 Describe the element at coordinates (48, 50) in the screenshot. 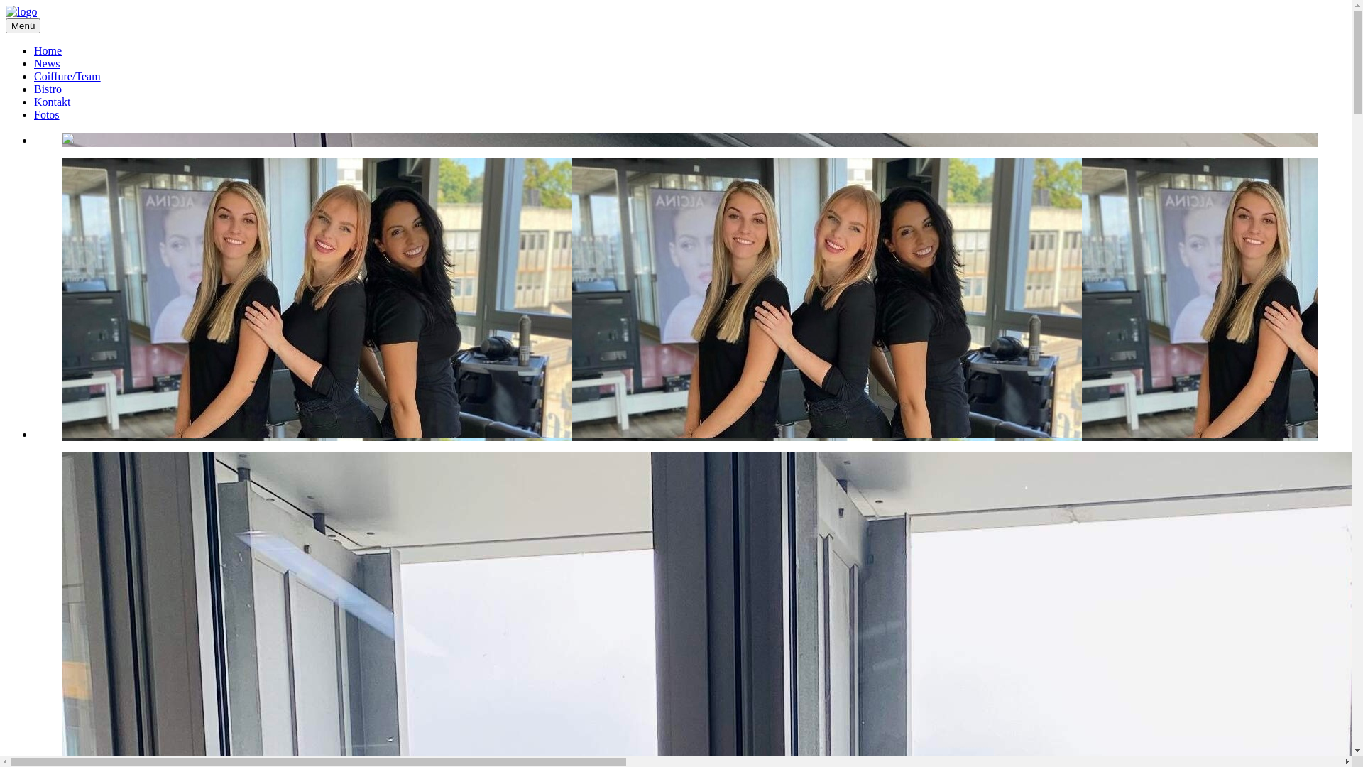

I see `'Home'` at that location.